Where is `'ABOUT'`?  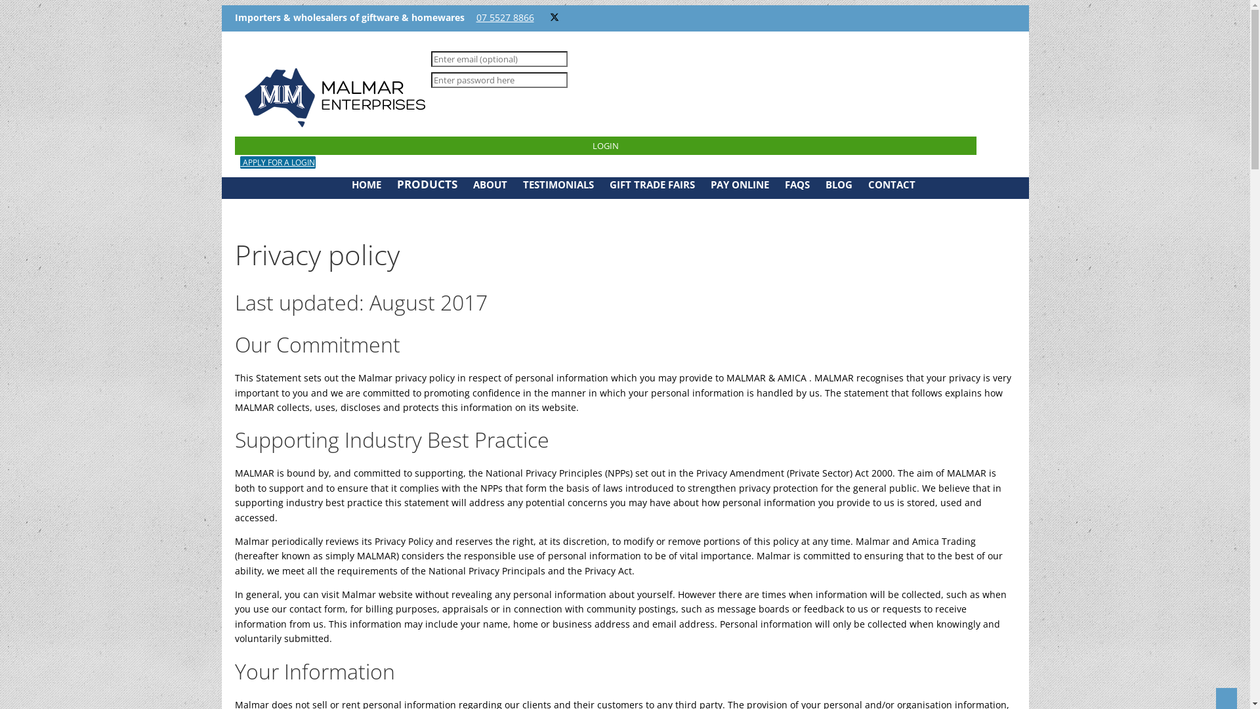 'ABOUT' is located at coordinates (488, 184).